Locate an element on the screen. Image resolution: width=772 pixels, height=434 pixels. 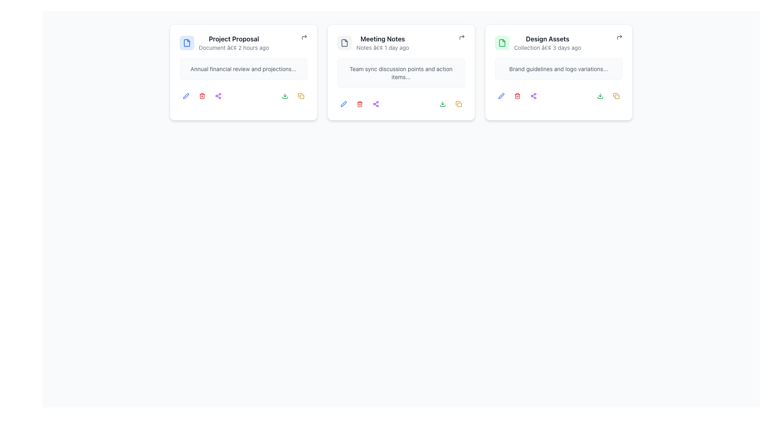
the trash icon button located as the third from the left in the group of action icons below the 'Design Assets' card is located at coordinates (517, 96).